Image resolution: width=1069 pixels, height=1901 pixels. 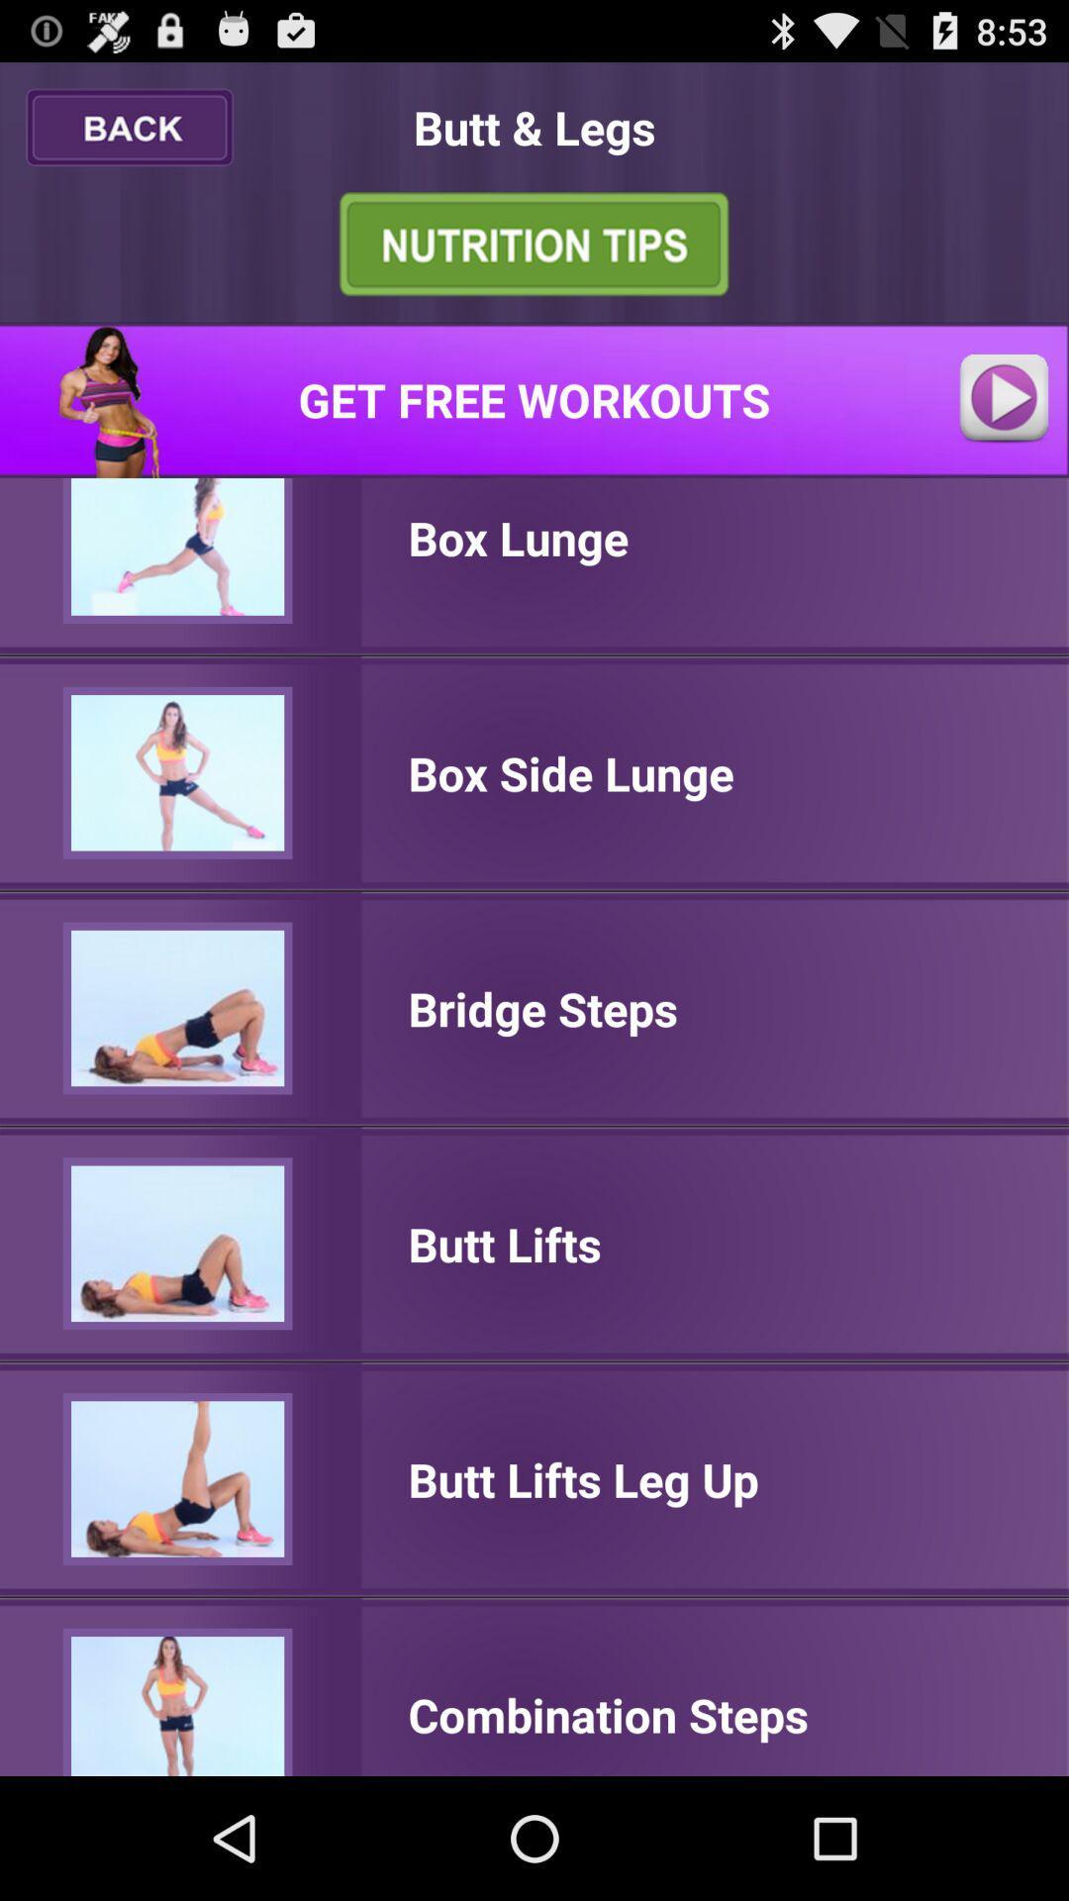 I want to click on icon above butt lifts icon, so click(x=542, y=1008).